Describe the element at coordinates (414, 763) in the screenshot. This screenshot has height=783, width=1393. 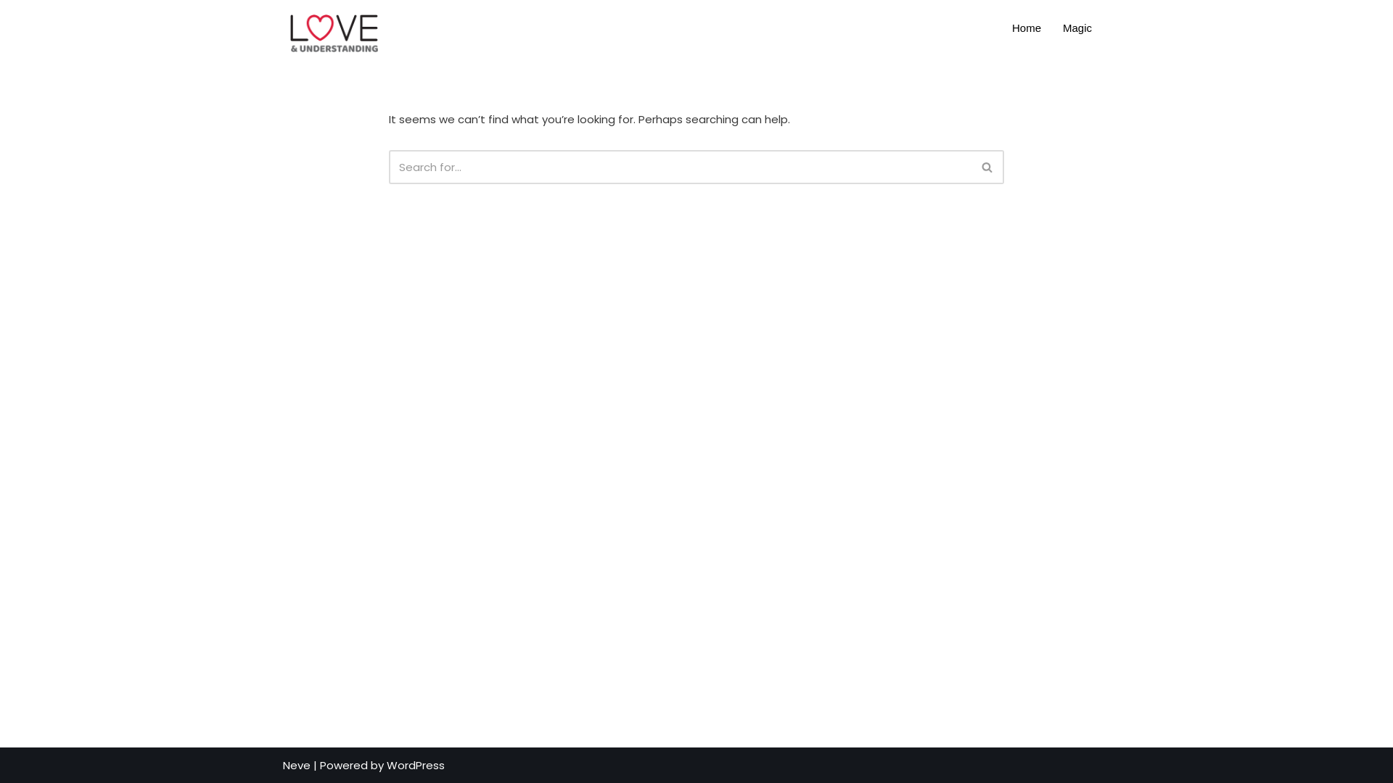
I see `'WordPress'` at that location.